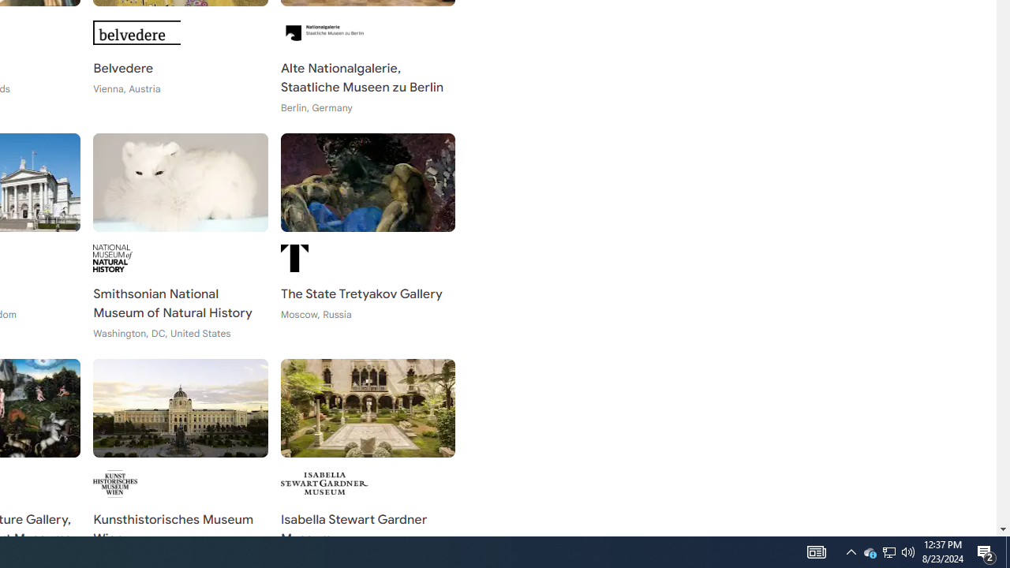 The image size is (1010, 568). I want to click on 'Kunsthistorisches Museum Wien Vienna, Austria', so click(181, 461).